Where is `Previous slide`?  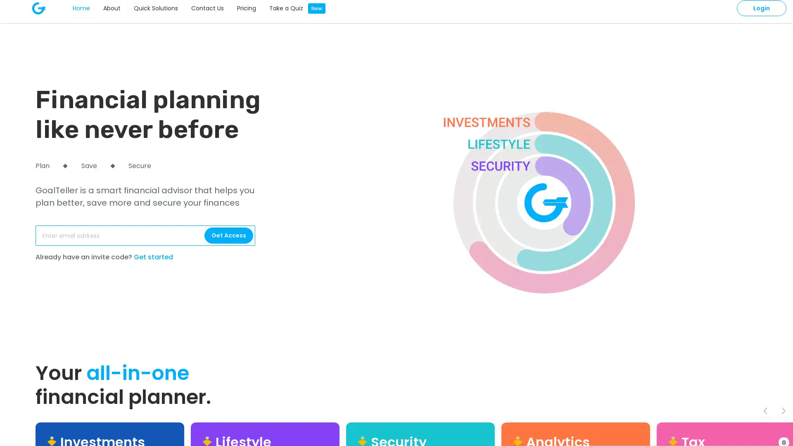 Previous slide is located at coordinates (765, 410).